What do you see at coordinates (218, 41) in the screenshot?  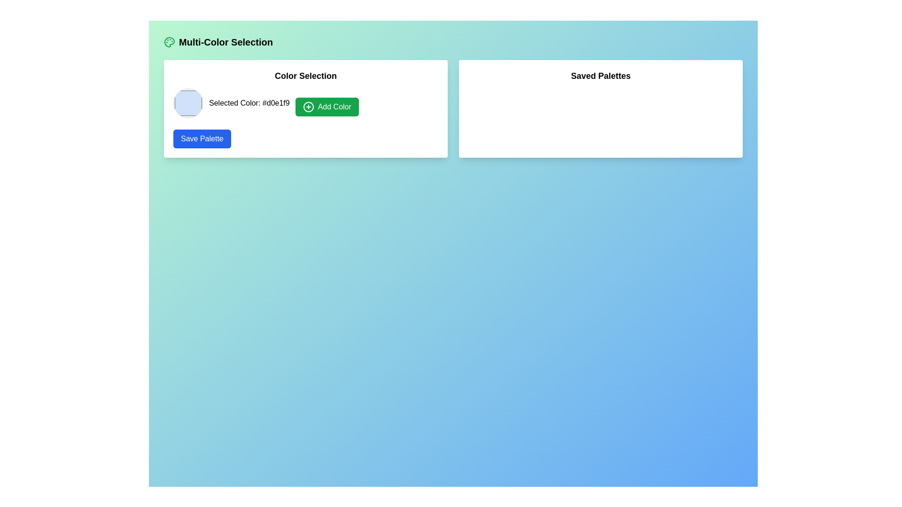 I see `the 'Multi-Color Selection' label with the green palette icon for accessibility` at bounding box center [218, 41].